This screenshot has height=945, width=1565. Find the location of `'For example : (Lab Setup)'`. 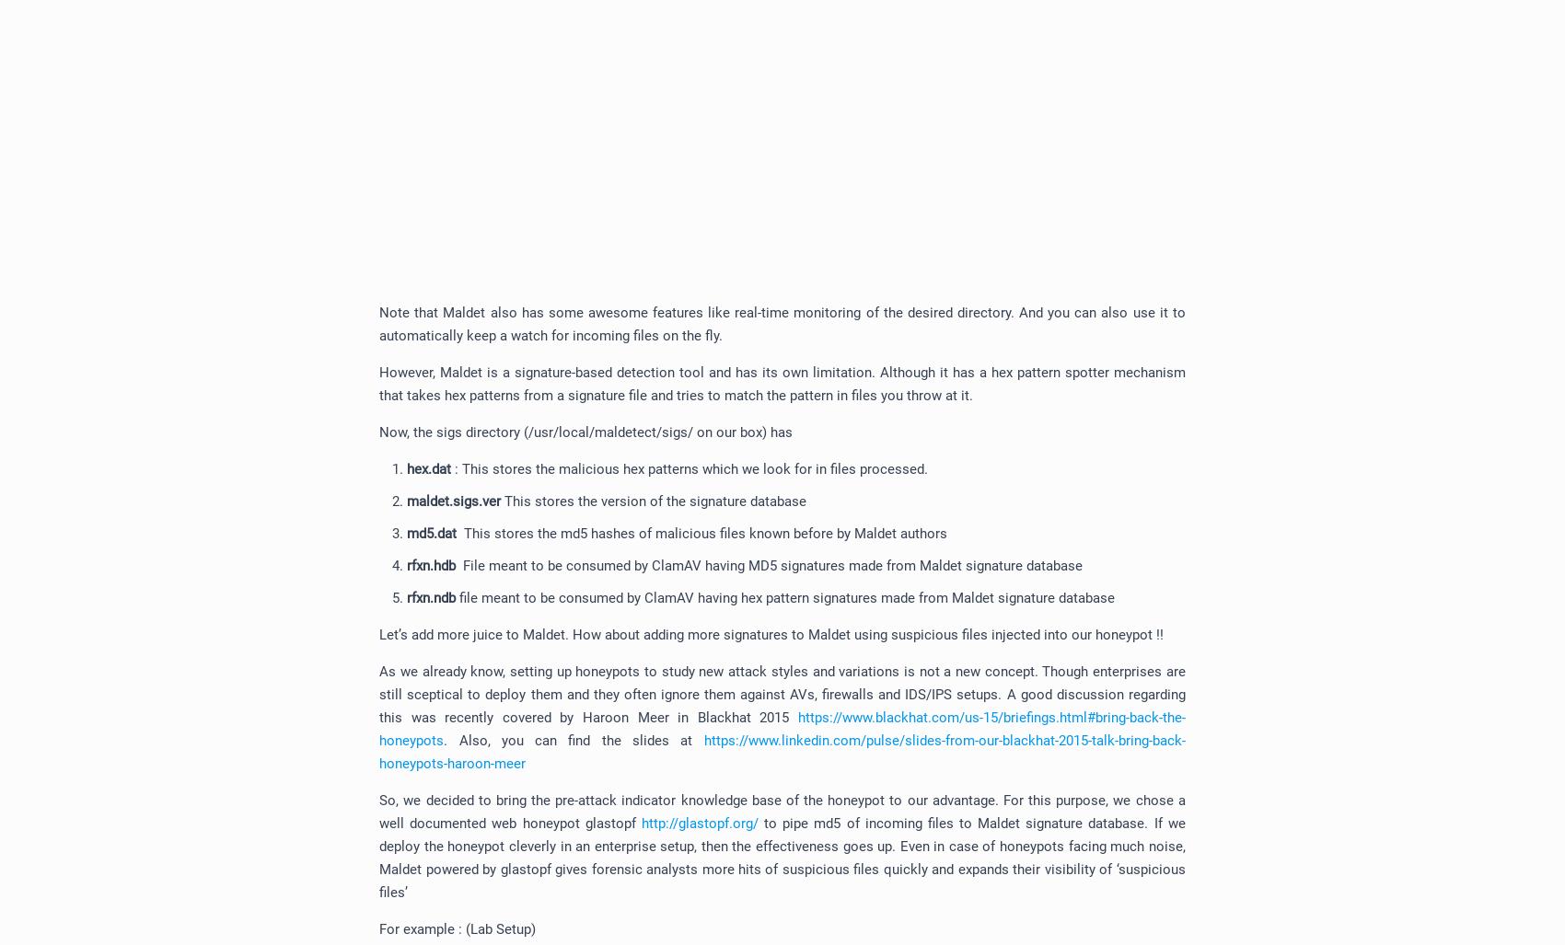

'For example : (Lab Setup)' is located at coordinates (378, 928).